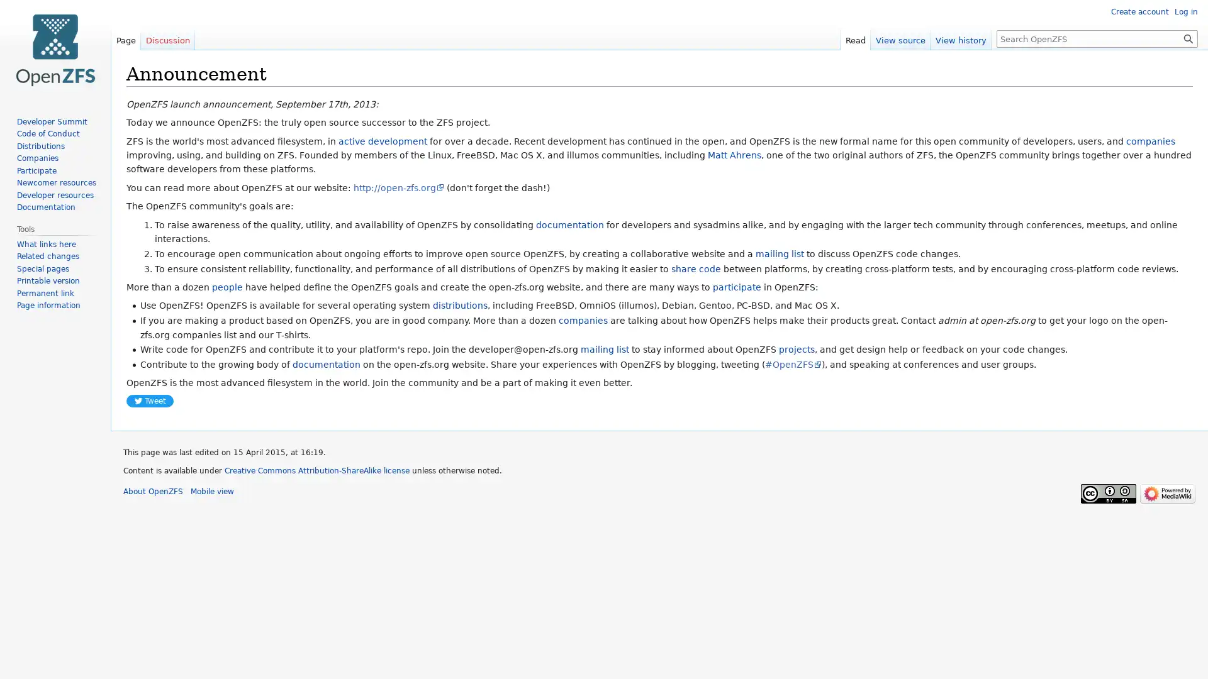 This screenshot has height=679, width=1208. Describe the element at coordinates (1188, 38) in the screenshot. I see `Search` at that location.